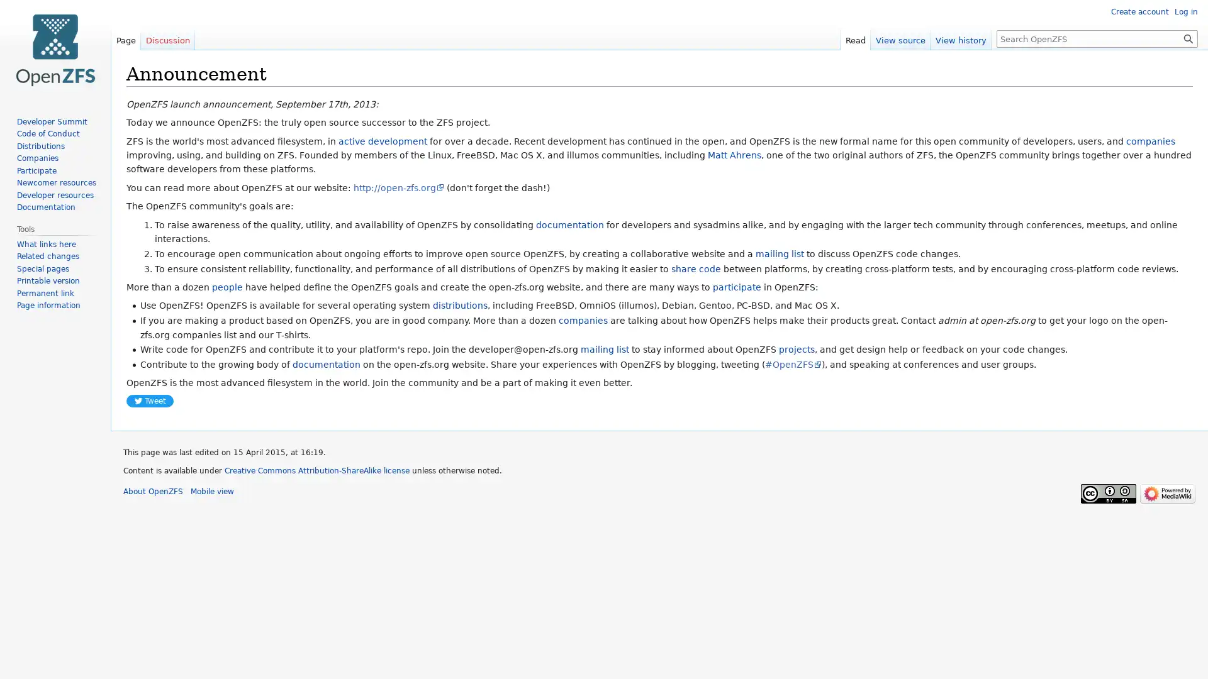 This screenshot has height=679, width=1208. Describe the element at coordinates (1188, 38) in the screenshot. I see `Search` at that location.